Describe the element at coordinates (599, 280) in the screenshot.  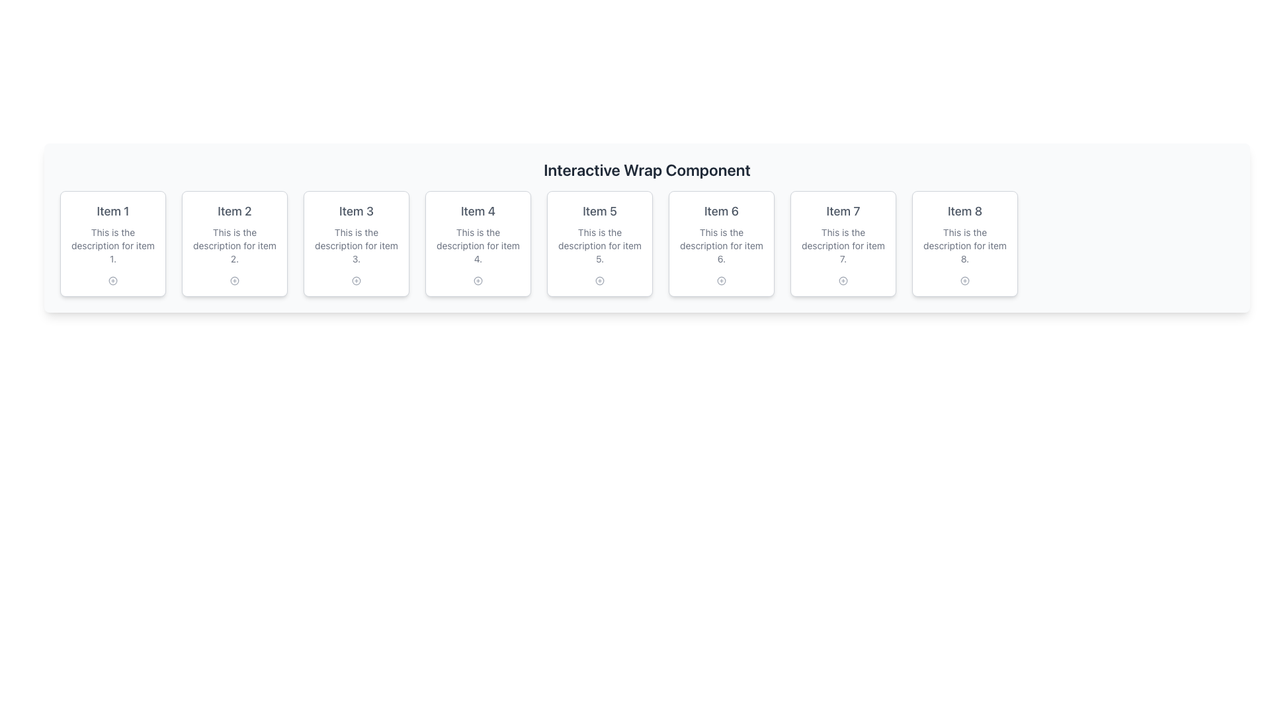
I see `the circular interactive icon with a plus sign located at the bottom center of the card labeled 'Item 5'` at that location.